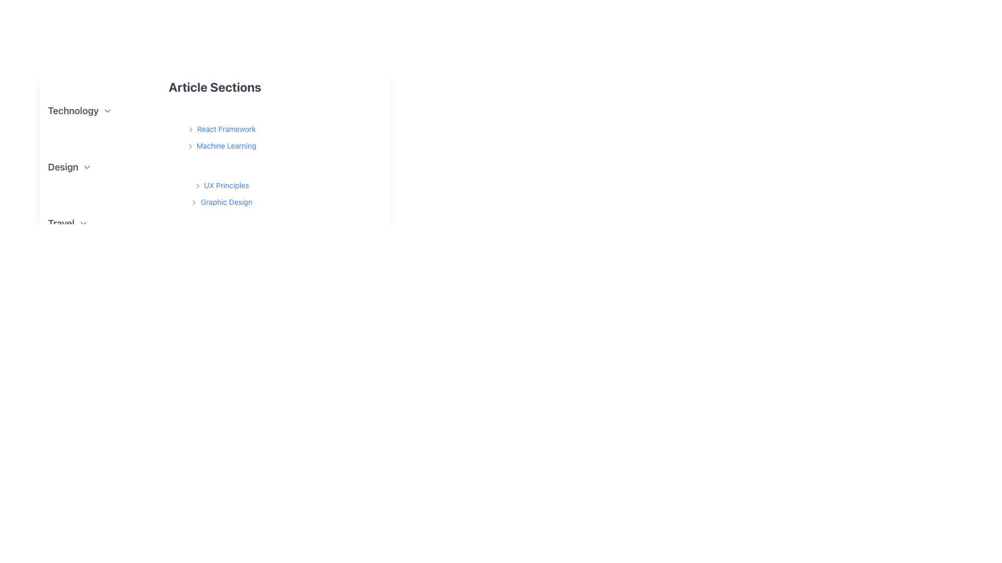  What do you see at coordinates (220, 145) in the screenshot?
I see `the hyperlink for 'Machine Learning' located under the 'Technology' category` at bounding box center [220, 145].